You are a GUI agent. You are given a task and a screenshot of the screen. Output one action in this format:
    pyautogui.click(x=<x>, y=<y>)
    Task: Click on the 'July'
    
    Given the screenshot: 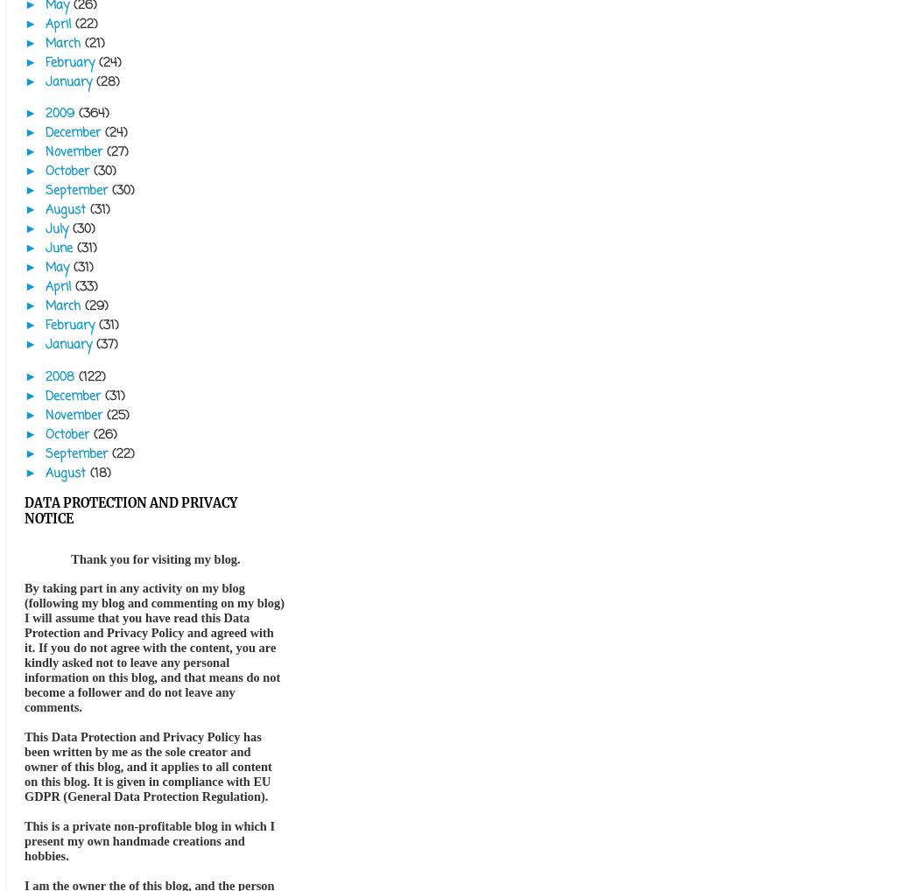 What is the action you would take?
    pyautogui.click(x=58, y=229)
    